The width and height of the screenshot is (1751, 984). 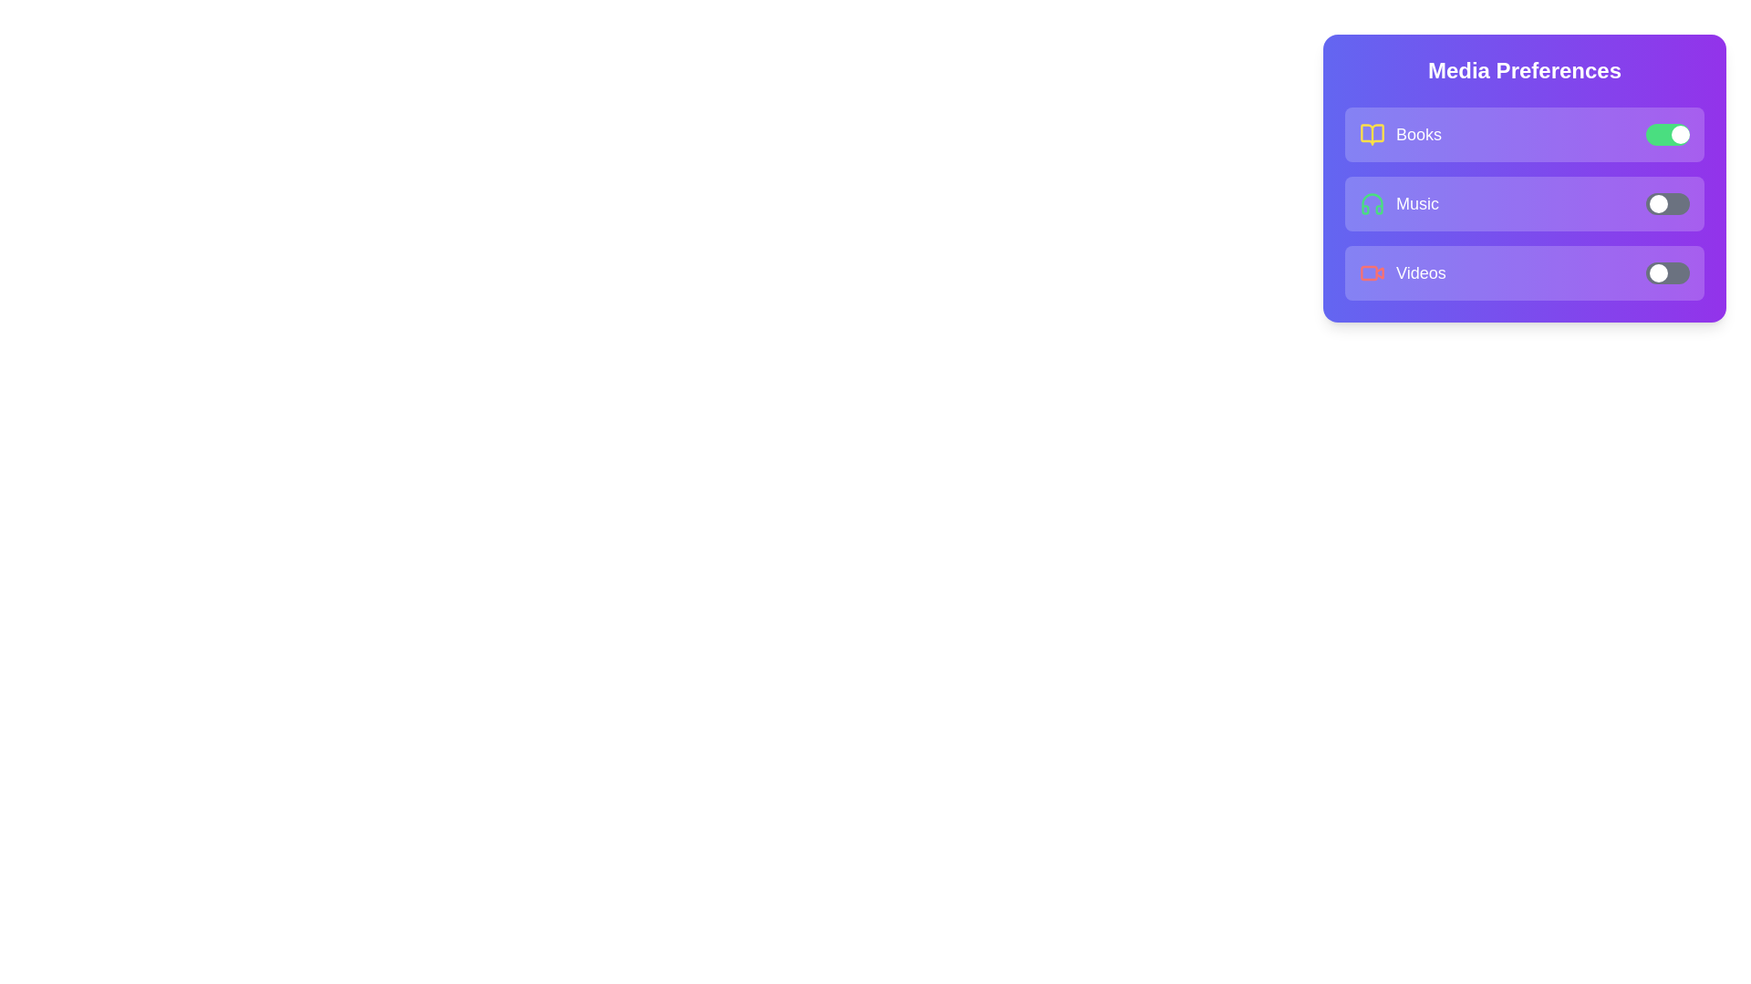 I want to click on the 'Books' text label, which identifies the toggle switch for book-related preferences located in a horizontal layout next to a book icon, so click(x=1417, y=133).